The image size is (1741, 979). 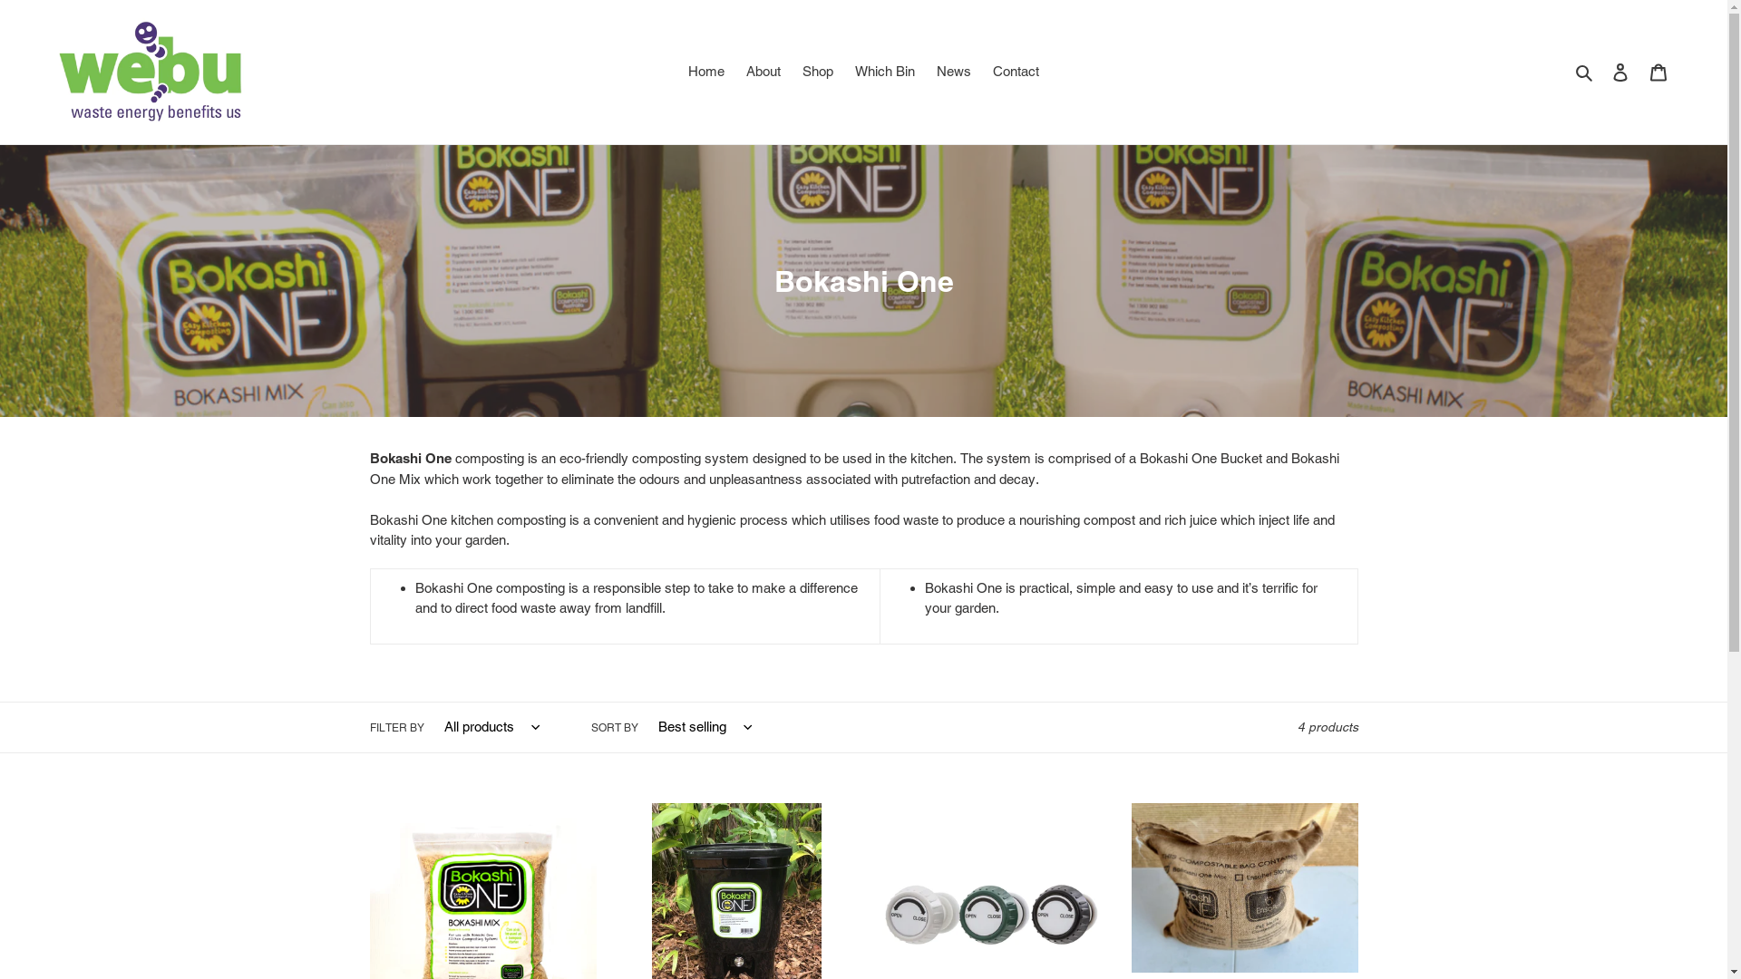 What do you see at coordinates (763, 71) in the screenshot?
I see `'About'` at bounding box center [763, 71].